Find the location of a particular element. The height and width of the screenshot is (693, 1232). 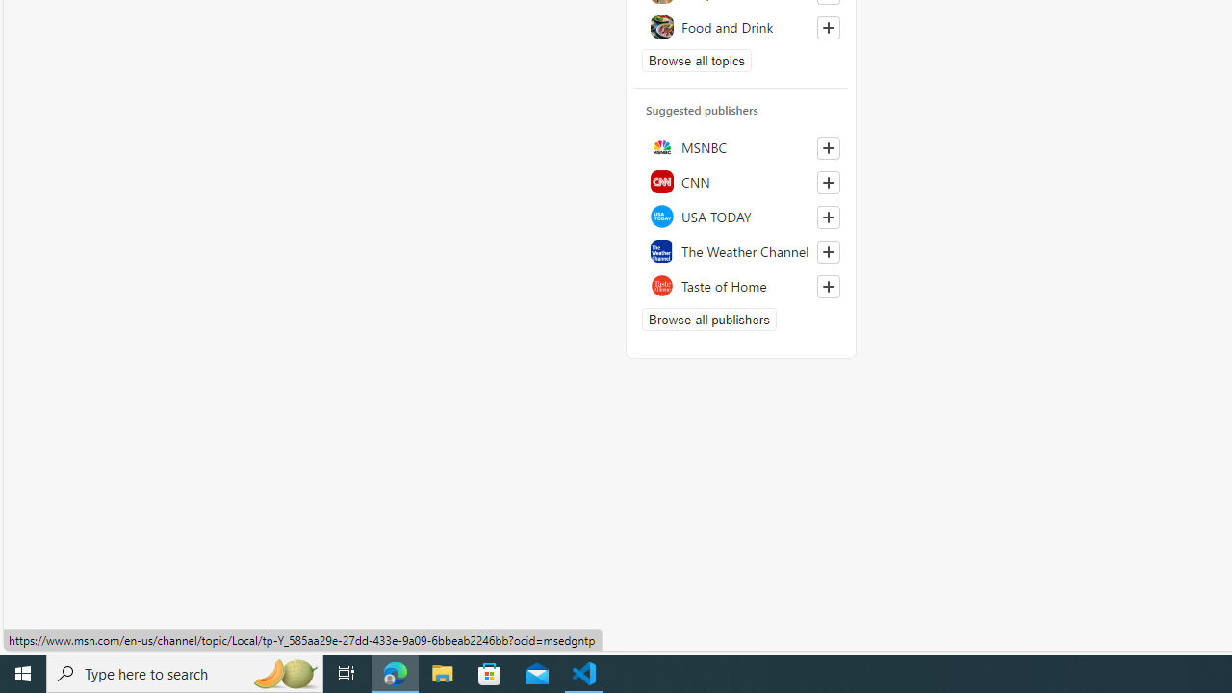

'MSNBC' is located at coordinates (740, 146).